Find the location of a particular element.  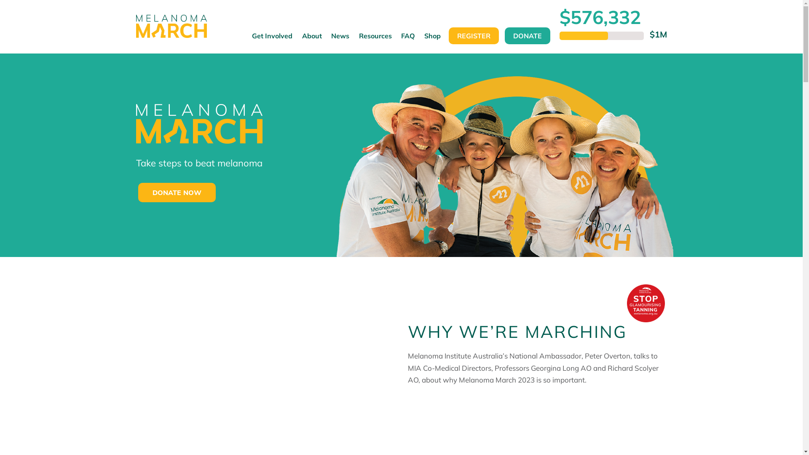

'DONATE NOW' is located at coordinates (177, 192).